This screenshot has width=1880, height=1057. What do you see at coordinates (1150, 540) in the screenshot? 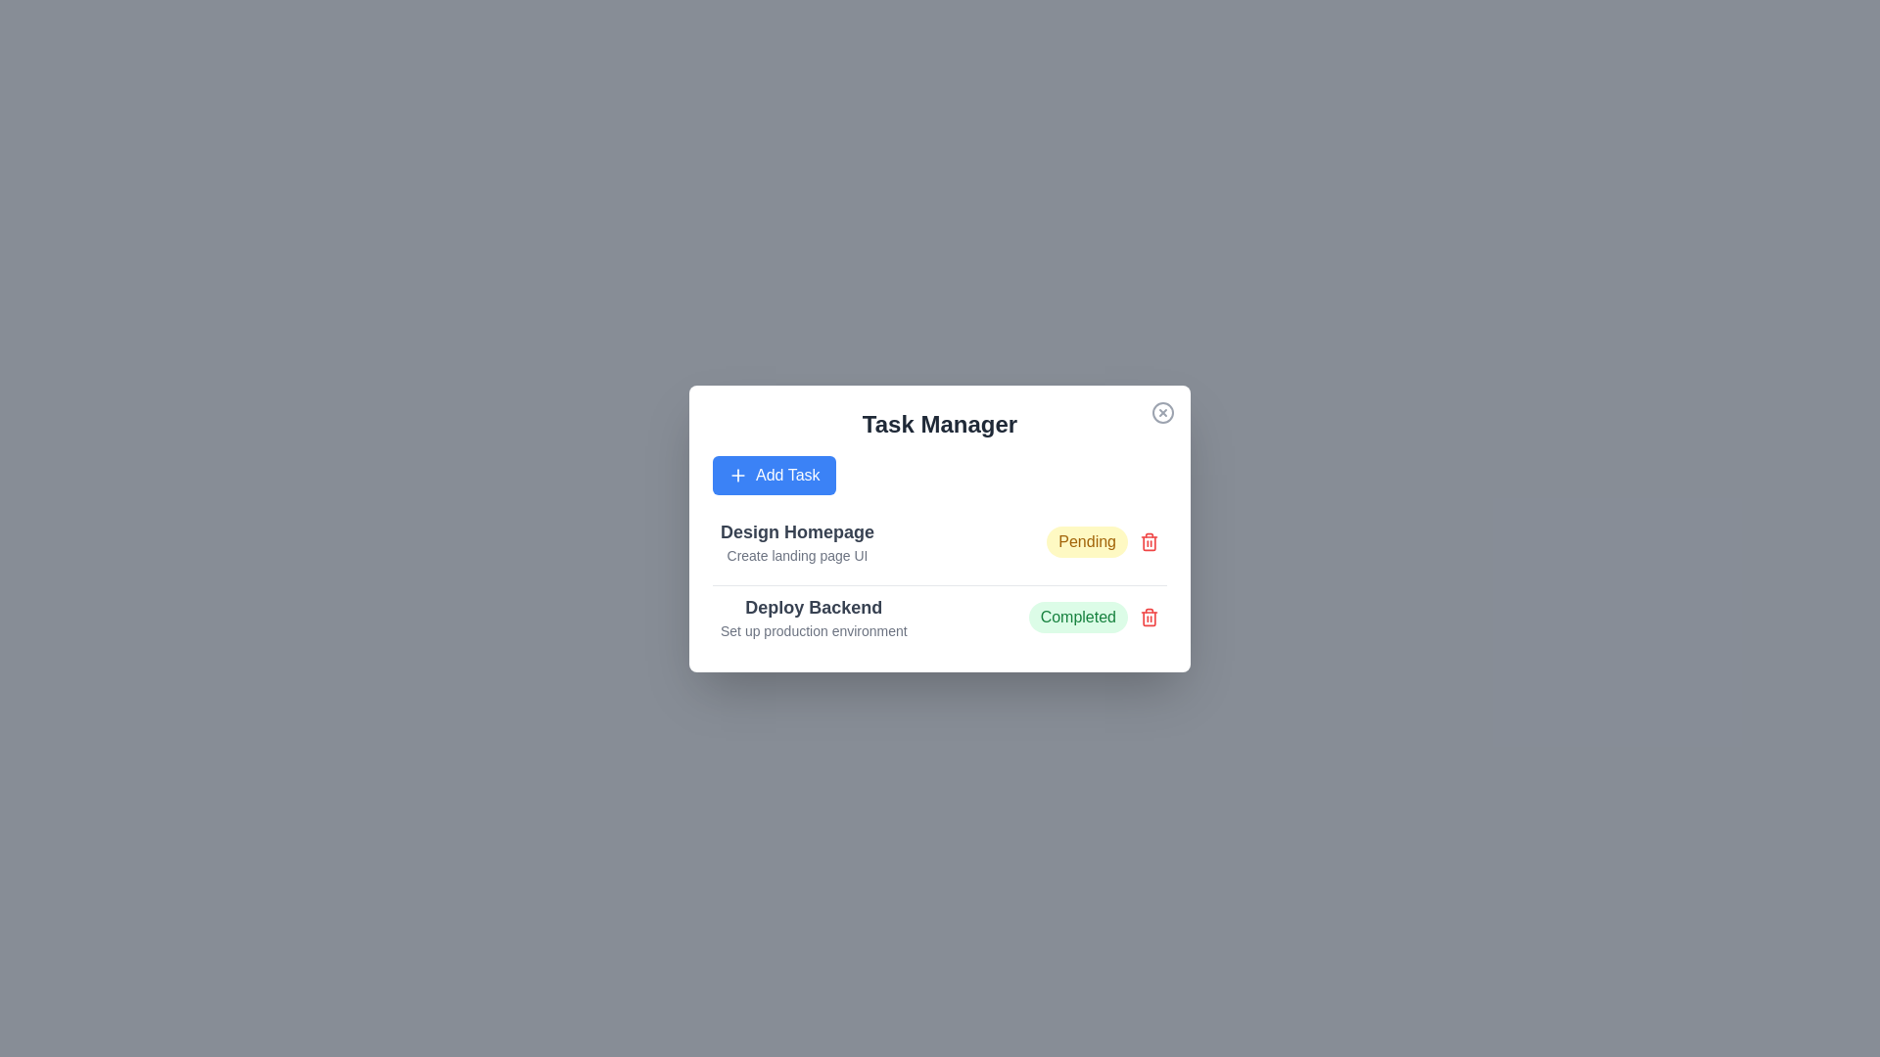
I see `the red trash can icon button located to the immediate right of the 'Pending' status label in the top task of the 'Task Manager' section` at bounding box center [1150, 540].